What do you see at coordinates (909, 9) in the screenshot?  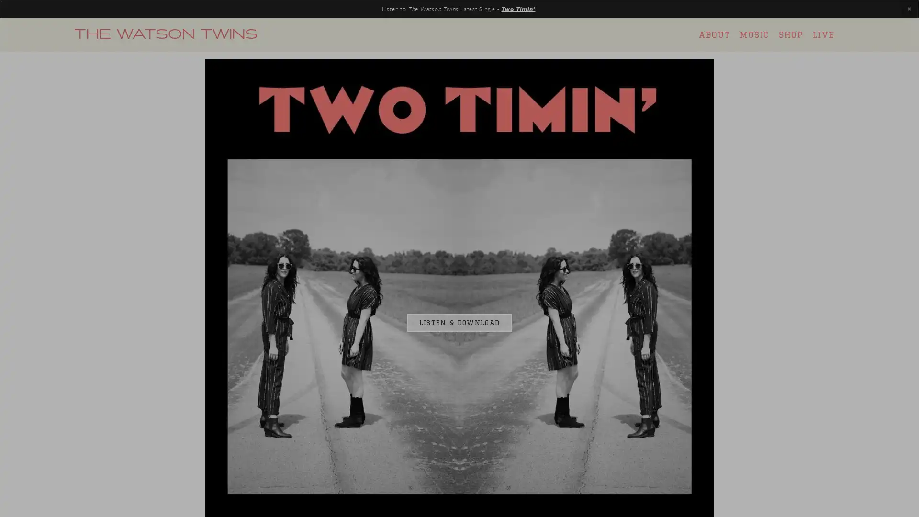 I see `Close Announcement` at bounding box center [909, 9].